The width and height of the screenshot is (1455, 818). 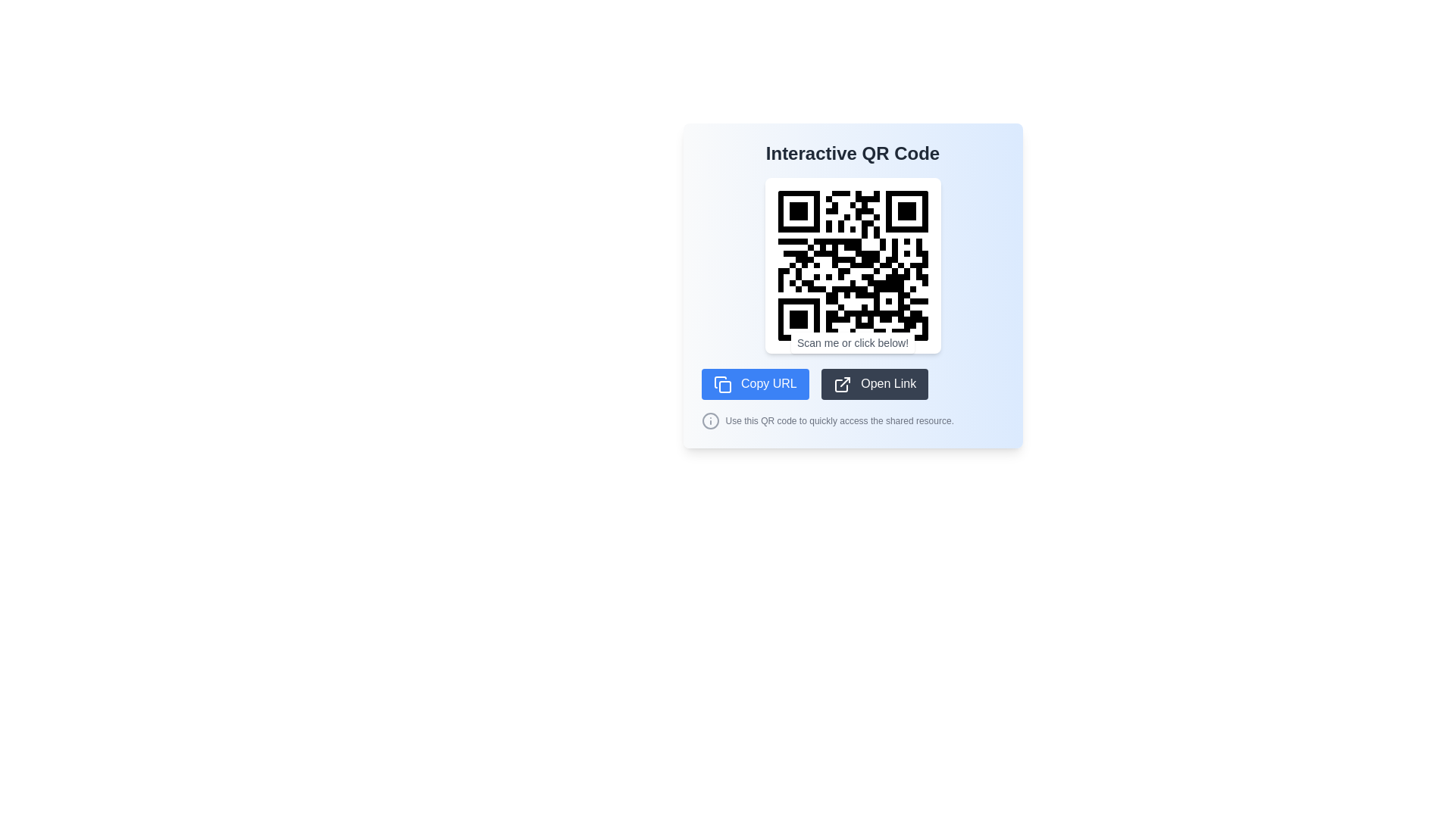 I want to click on the button with a dark gray background next to the 'Copy URL' button, so click(x=853, y=383).